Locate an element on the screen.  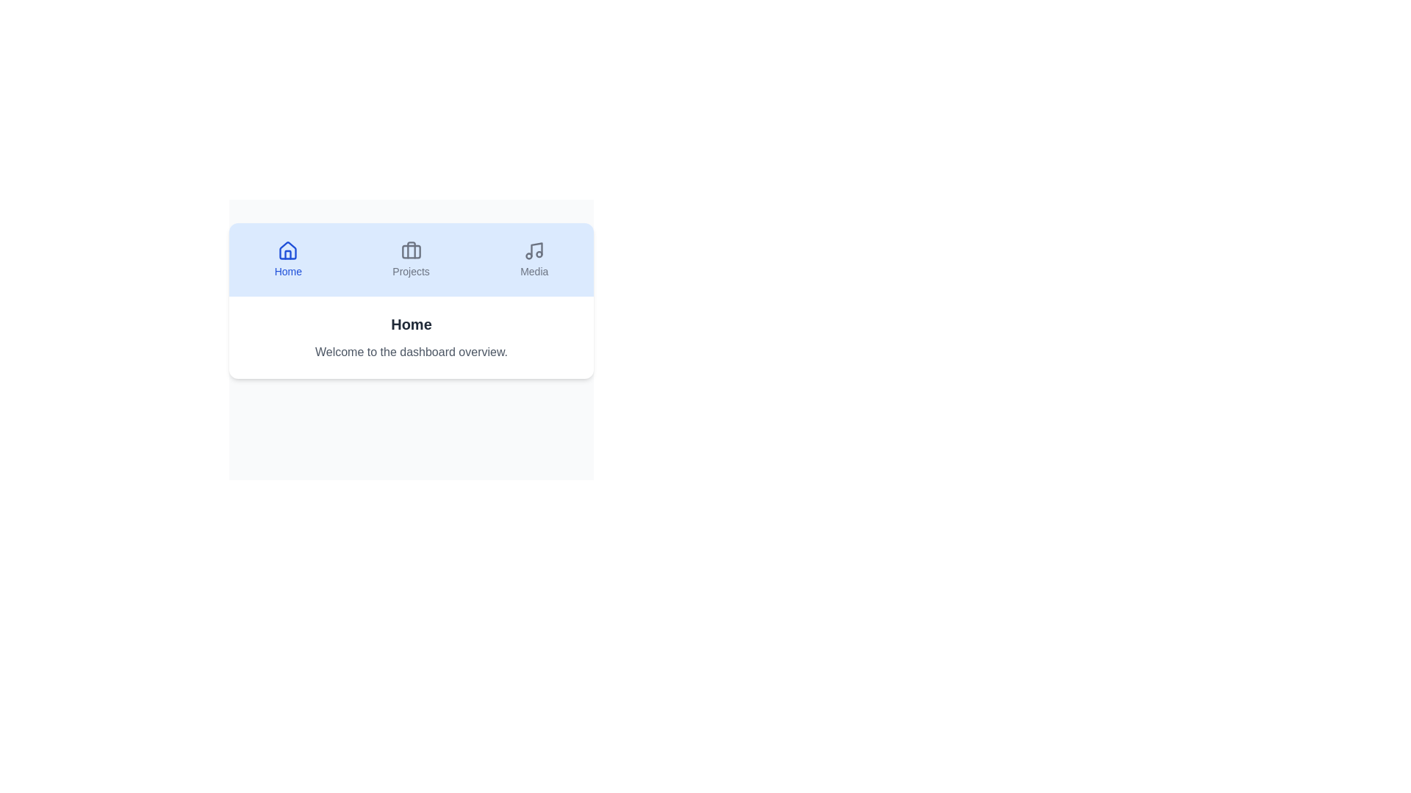
the Home tab is located at coordinates (288, 259).